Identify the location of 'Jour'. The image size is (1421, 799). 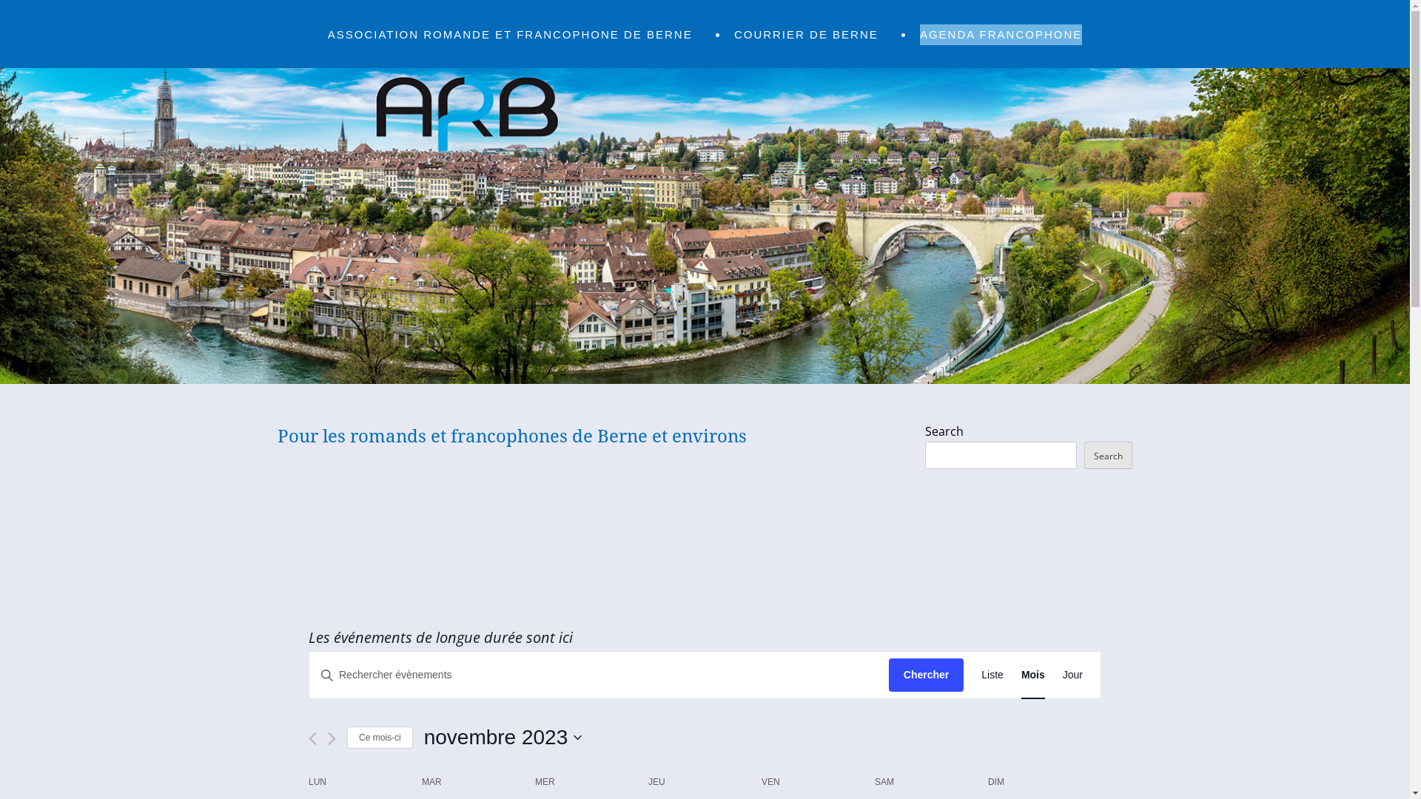
(1061, 675).